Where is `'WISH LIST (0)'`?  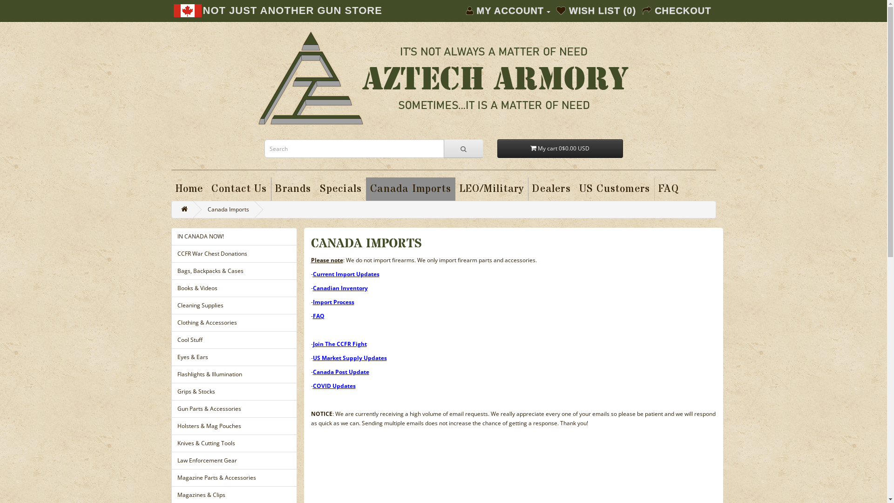 'WISH LIST (0)' is located at coordinates (596, 11).